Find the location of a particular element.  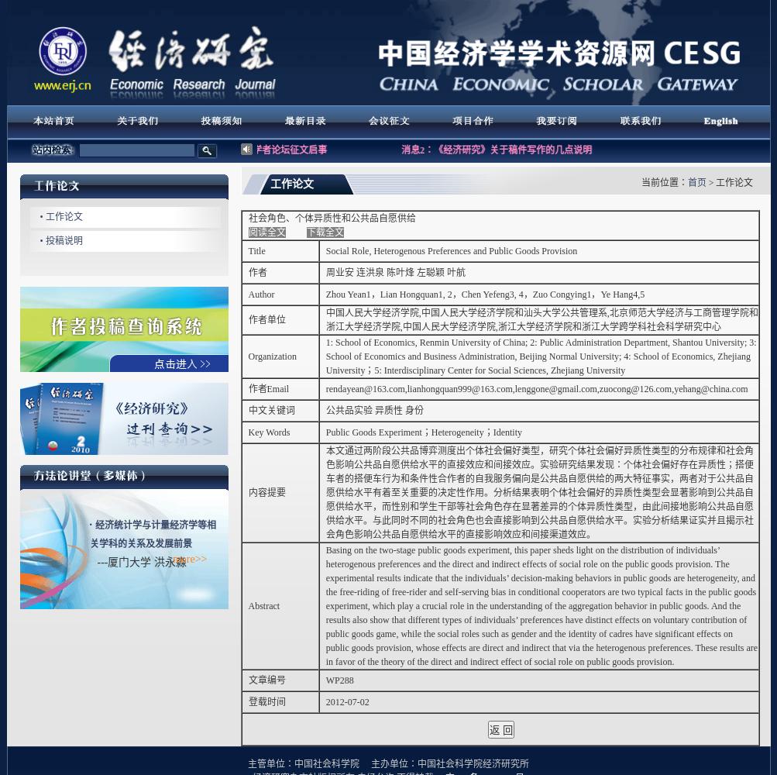

'Zhou Yean1，Lian Hongquan1, 2，Chen Yefeng3, 4，Zuo Congying1，Ye Hang4,5' is located at coordinates (486, 294).